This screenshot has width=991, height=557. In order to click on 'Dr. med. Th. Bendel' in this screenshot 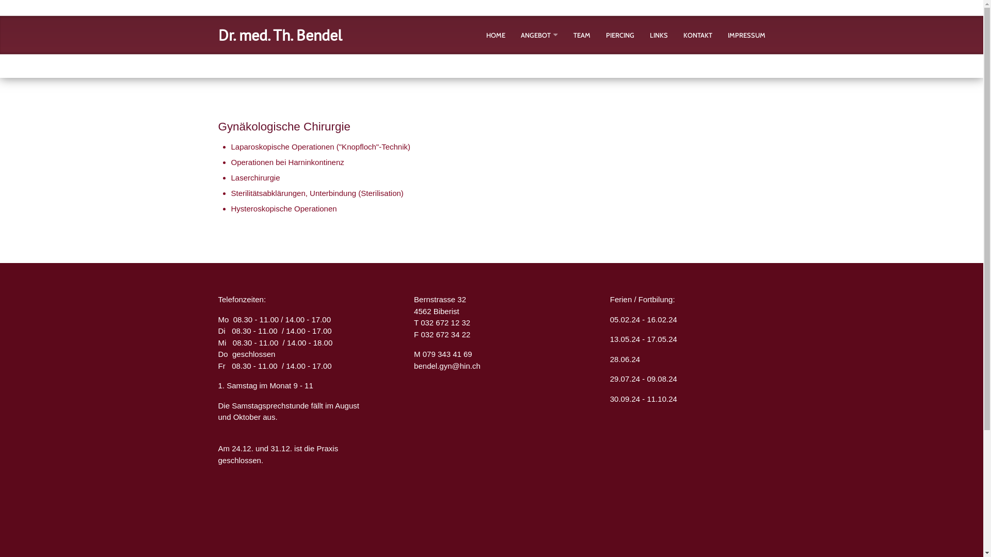, I will do `click(280, 34)`.